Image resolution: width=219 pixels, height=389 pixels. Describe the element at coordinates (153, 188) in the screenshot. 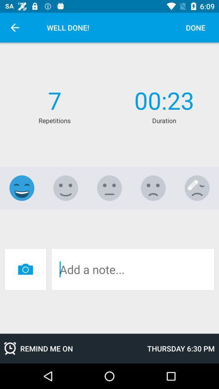

I see `slightly dislike select` at that location.